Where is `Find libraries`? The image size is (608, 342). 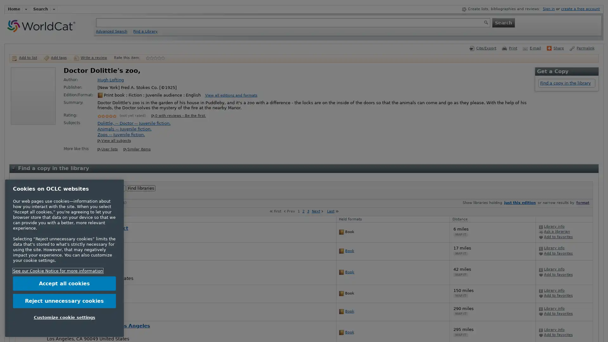
Find libraries is located at coordinates (141, 188).